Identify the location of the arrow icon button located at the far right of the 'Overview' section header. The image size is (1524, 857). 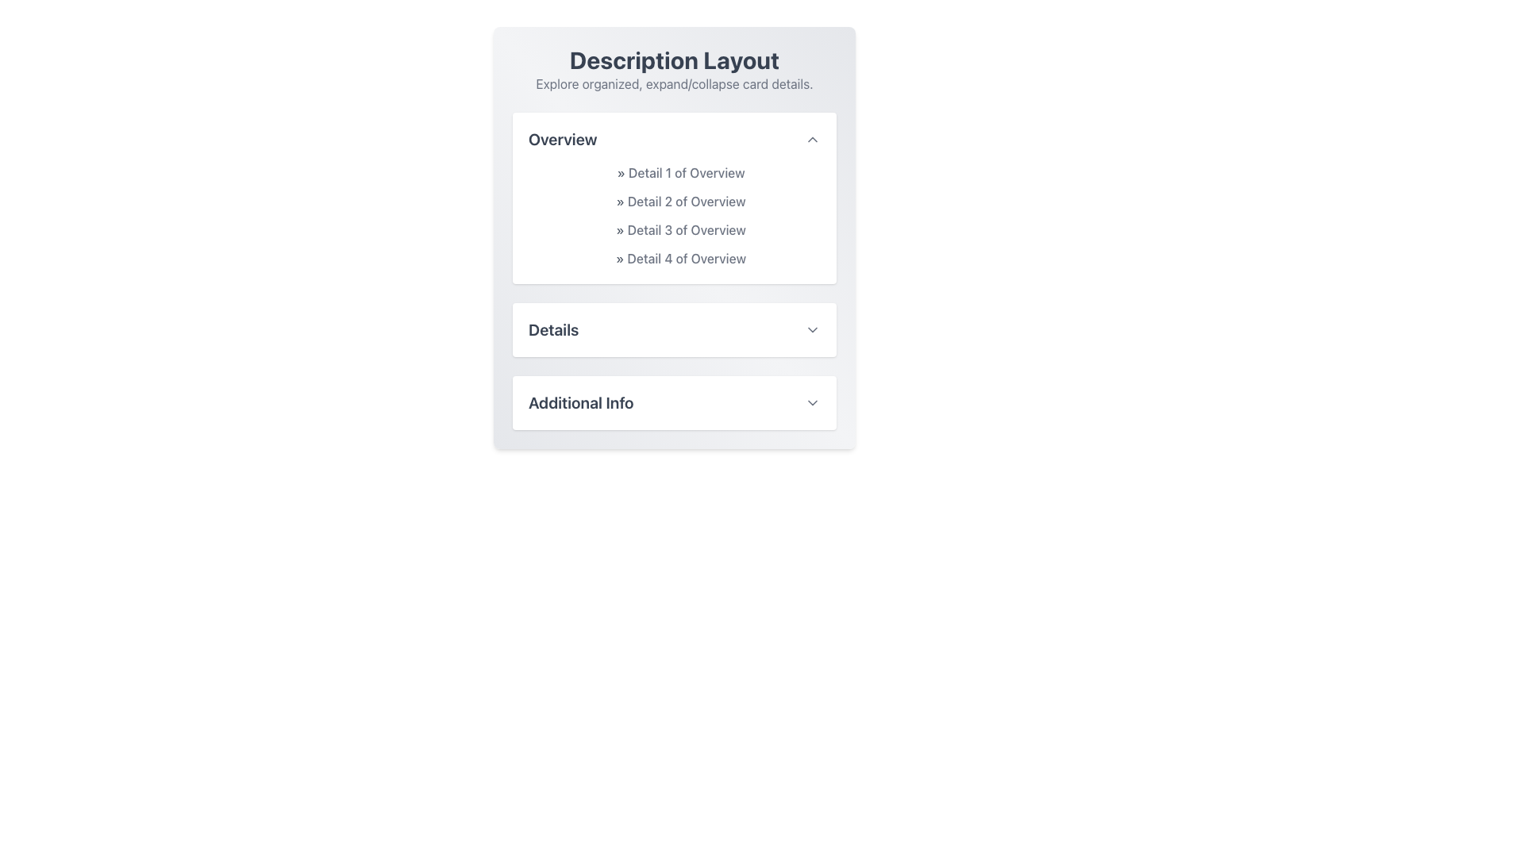
(812, 139).